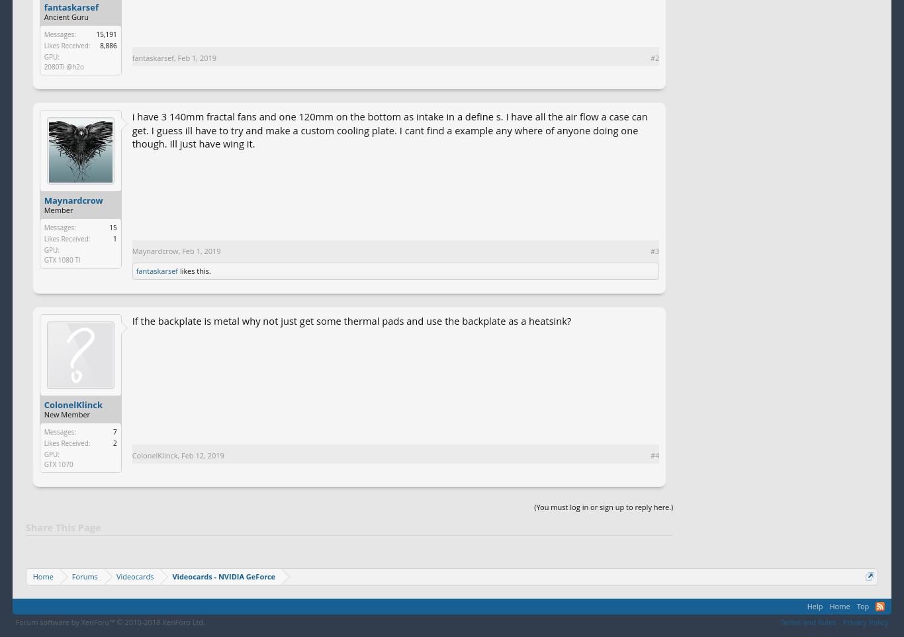  Describe the element at coordinates (807, 605) in the screenshot. I see `'Help'` at that location.